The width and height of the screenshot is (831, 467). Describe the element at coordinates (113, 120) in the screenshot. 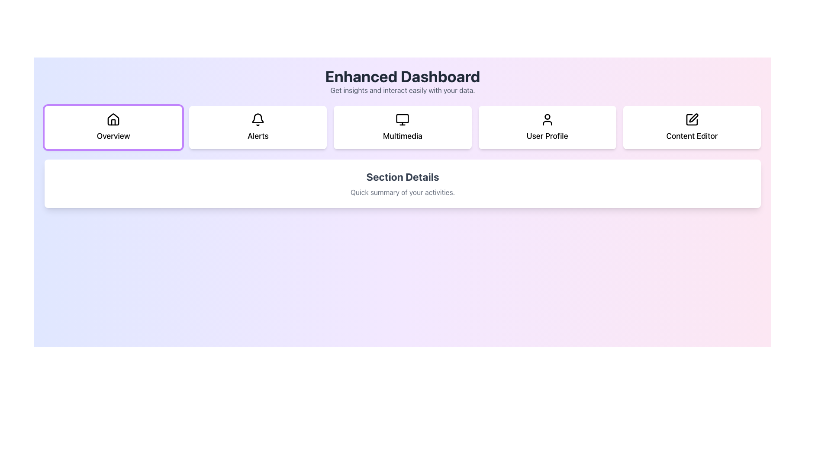

I see `the house icon located above the 'Overview' label in the interface` at that location.